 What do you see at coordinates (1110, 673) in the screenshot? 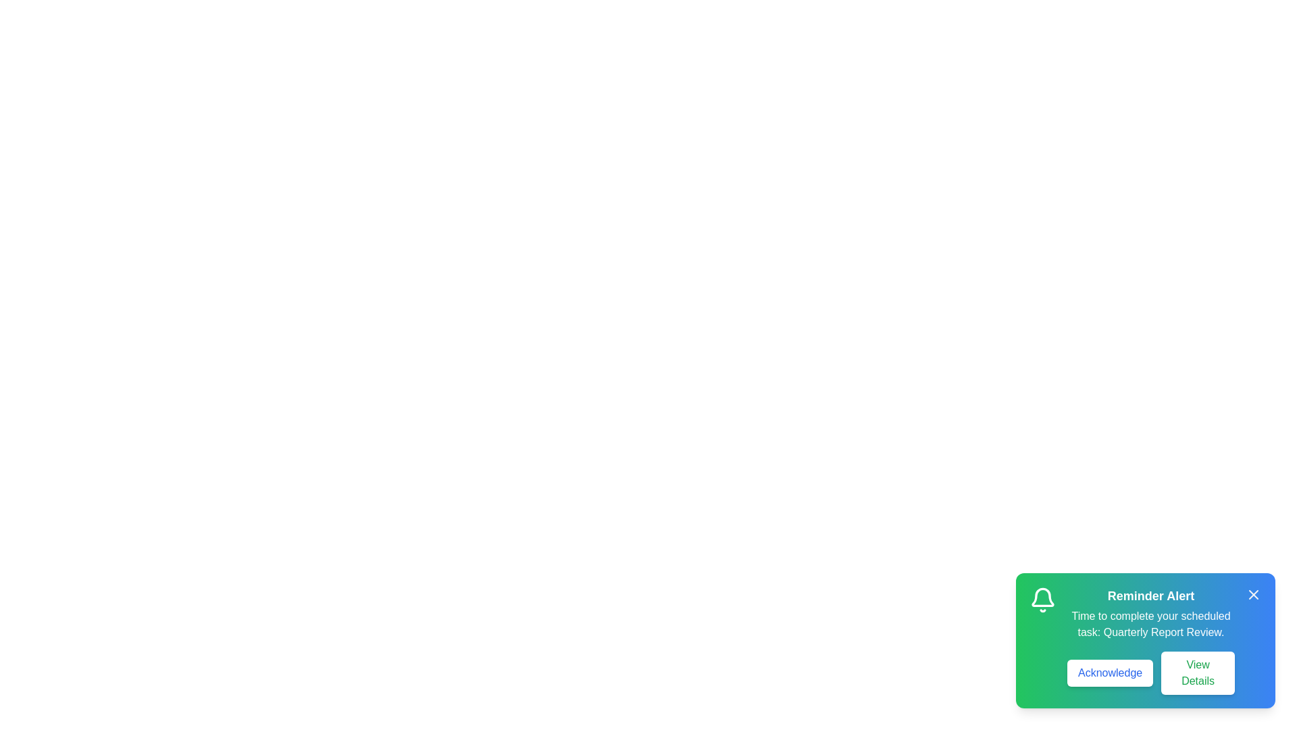
I see `the 'Acknowledge' button to acknowledge the reminder` at bounding box center [1110, 673].